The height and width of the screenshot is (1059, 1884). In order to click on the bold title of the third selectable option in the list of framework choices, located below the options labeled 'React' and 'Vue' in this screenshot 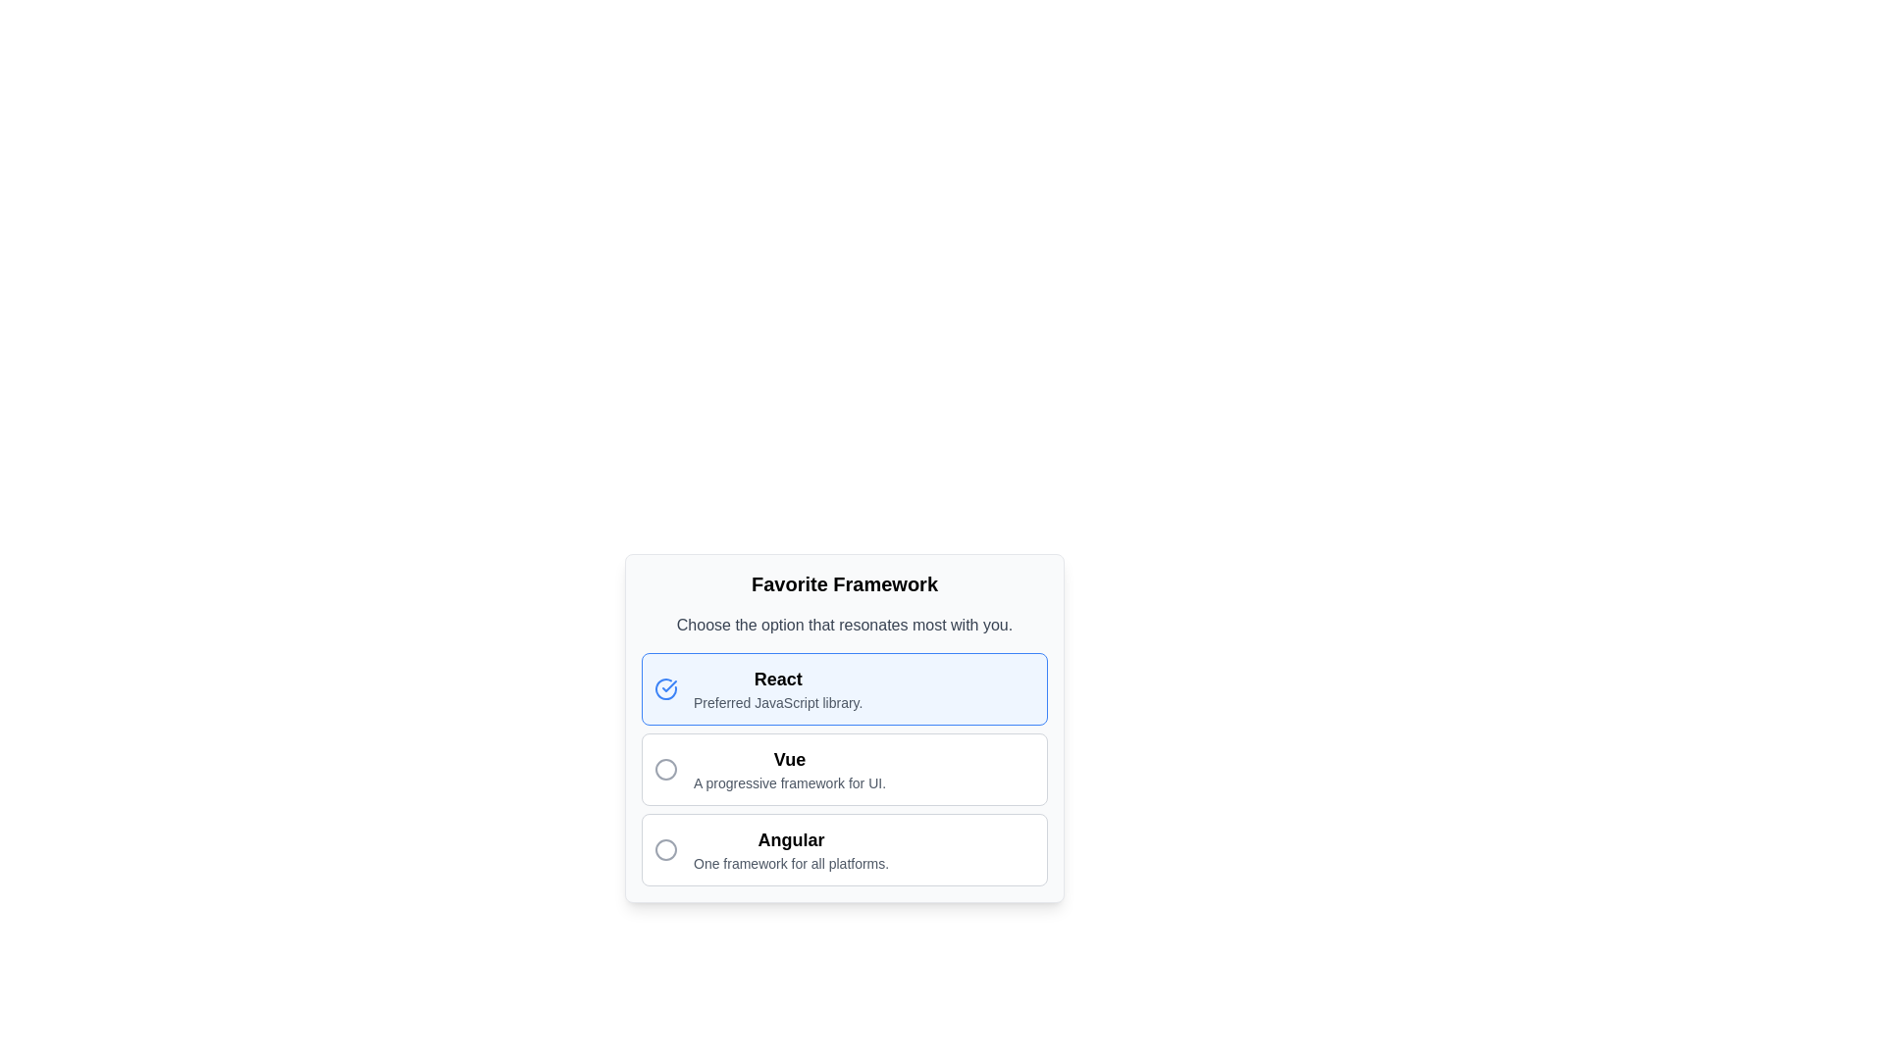, I will do `click(791, 838)`.